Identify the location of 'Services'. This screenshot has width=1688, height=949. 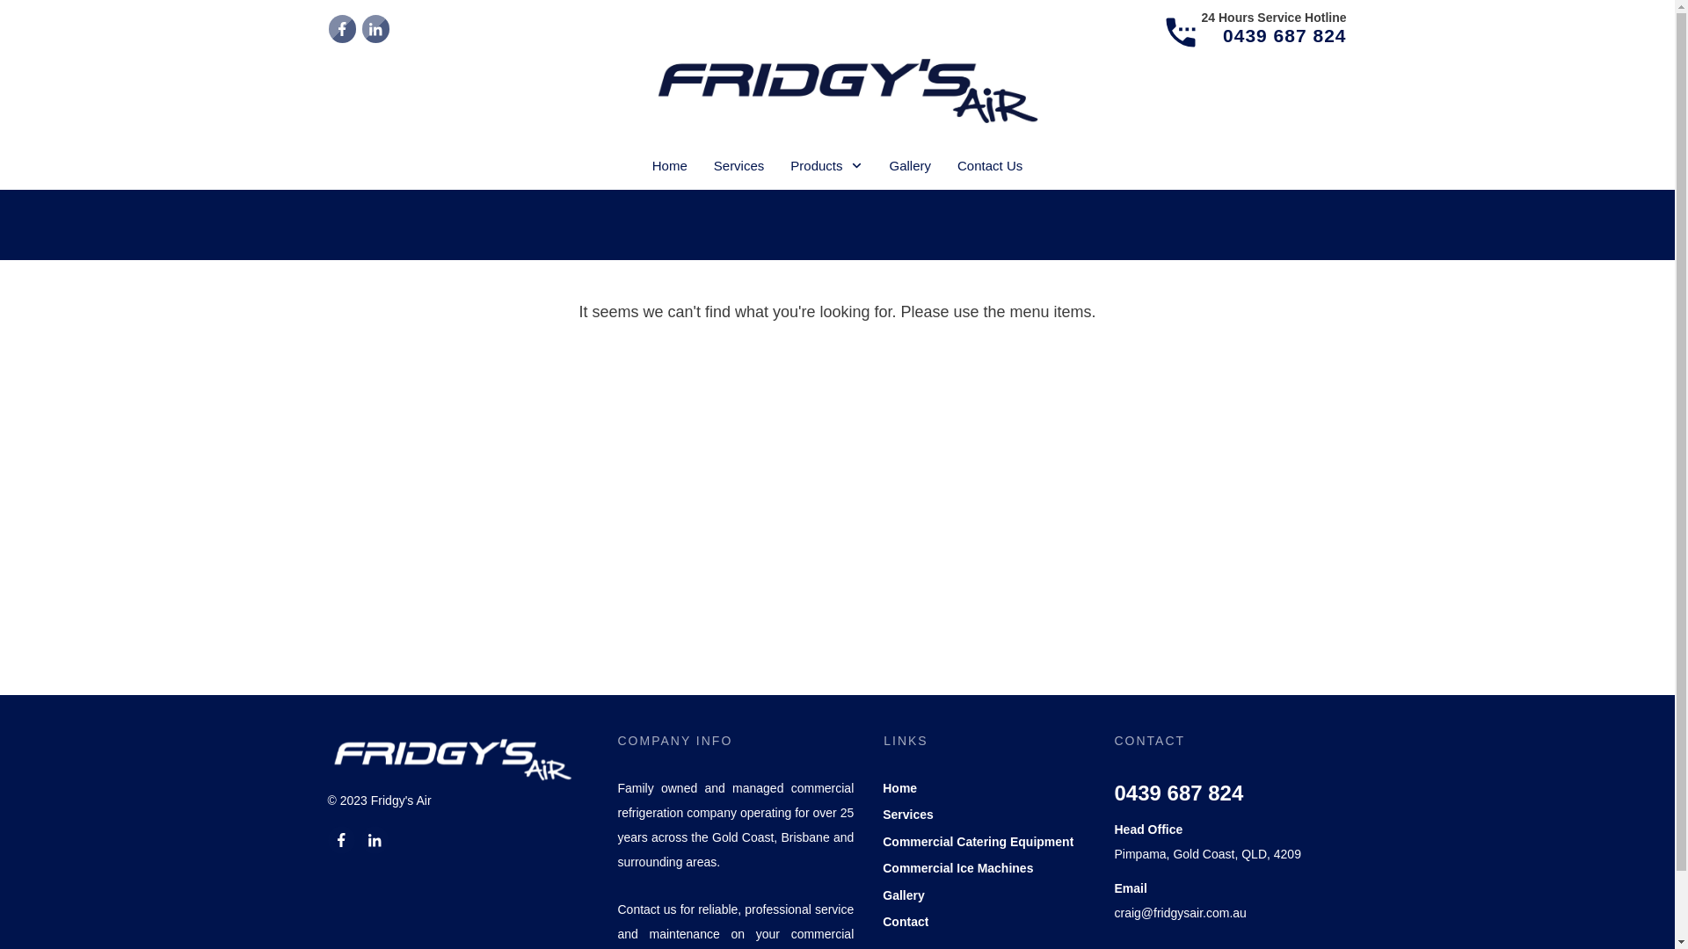
(907, 814).